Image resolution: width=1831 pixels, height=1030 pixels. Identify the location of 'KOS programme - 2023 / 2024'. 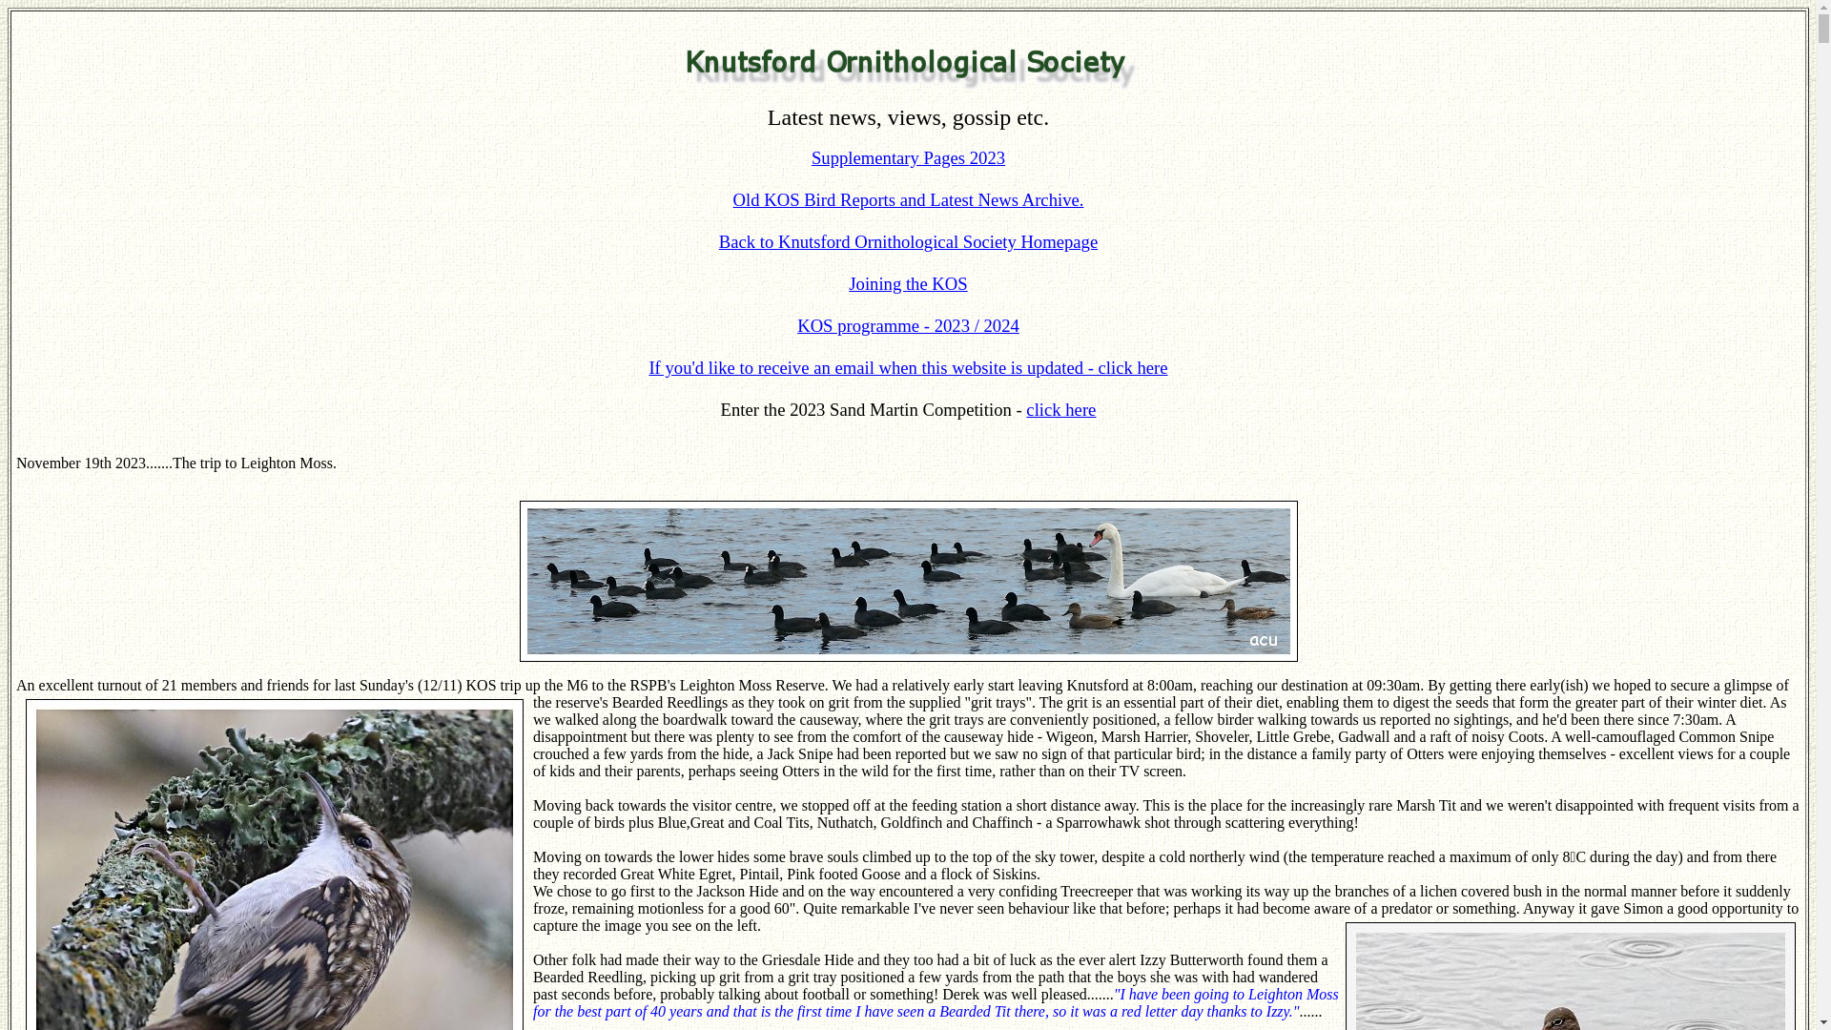
(907, 324).